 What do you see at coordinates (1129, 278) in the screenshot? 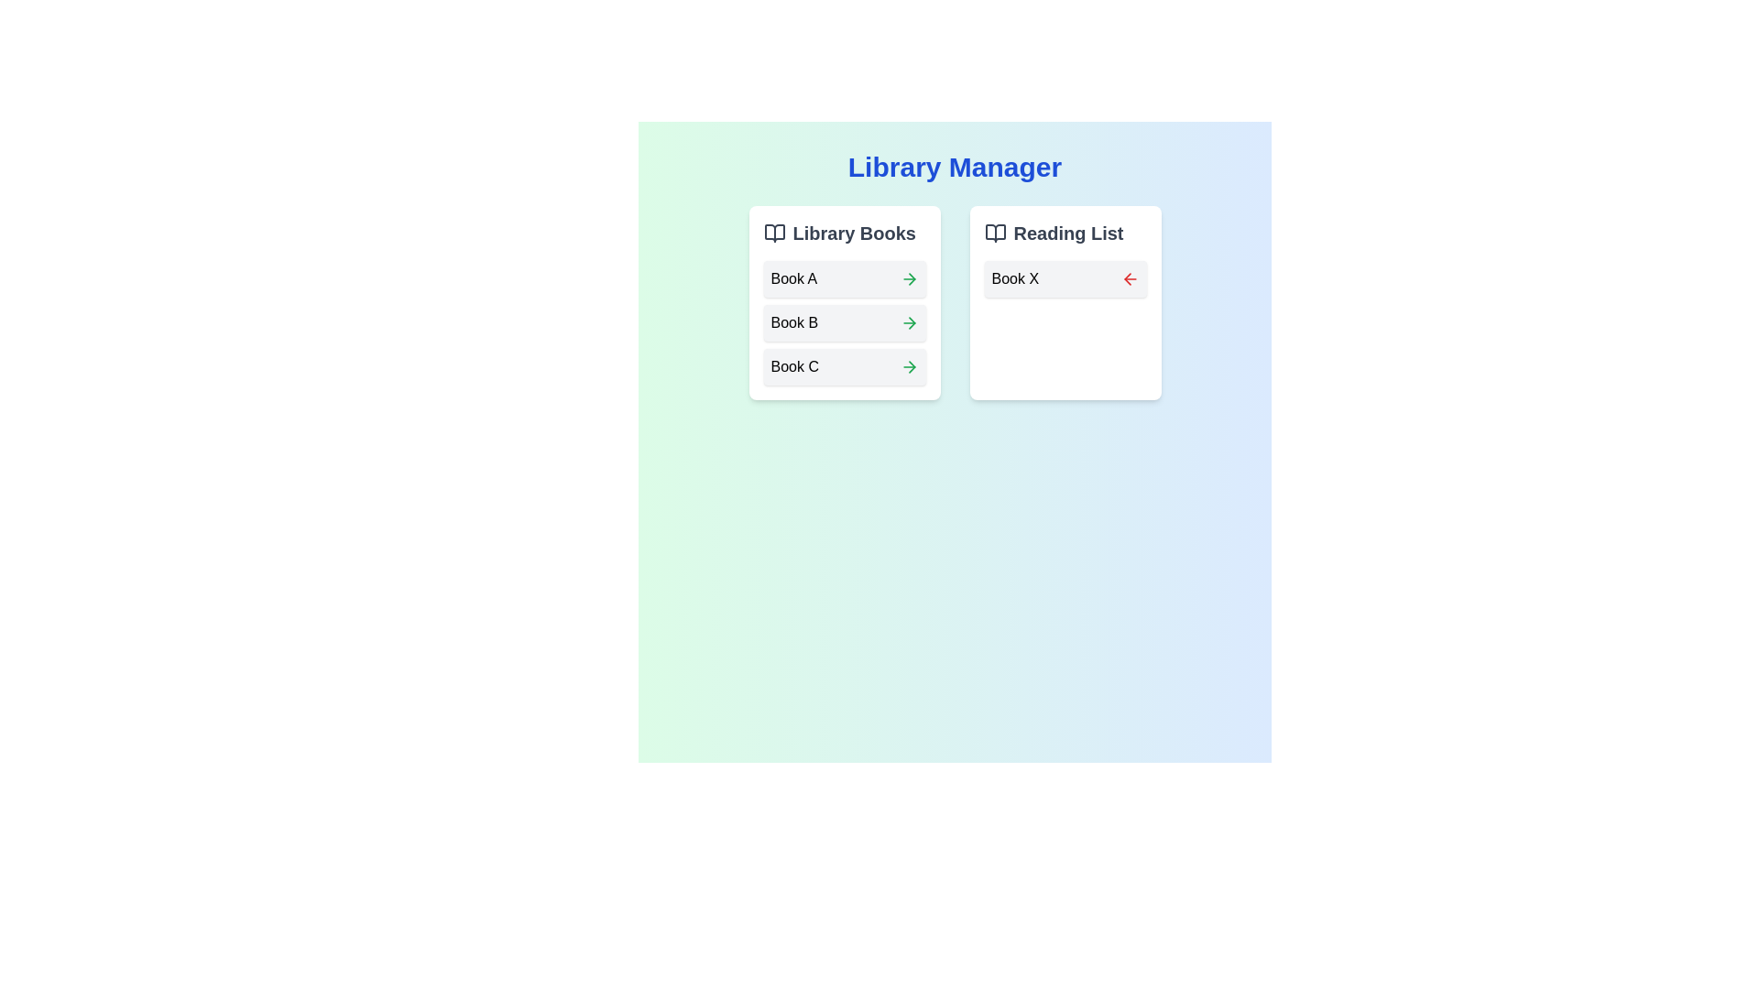
I see `the left-arrow icon button with a red color scheme located within the 'Book X' card in the 'Reading List' section` at bounding box center [1129, 278].